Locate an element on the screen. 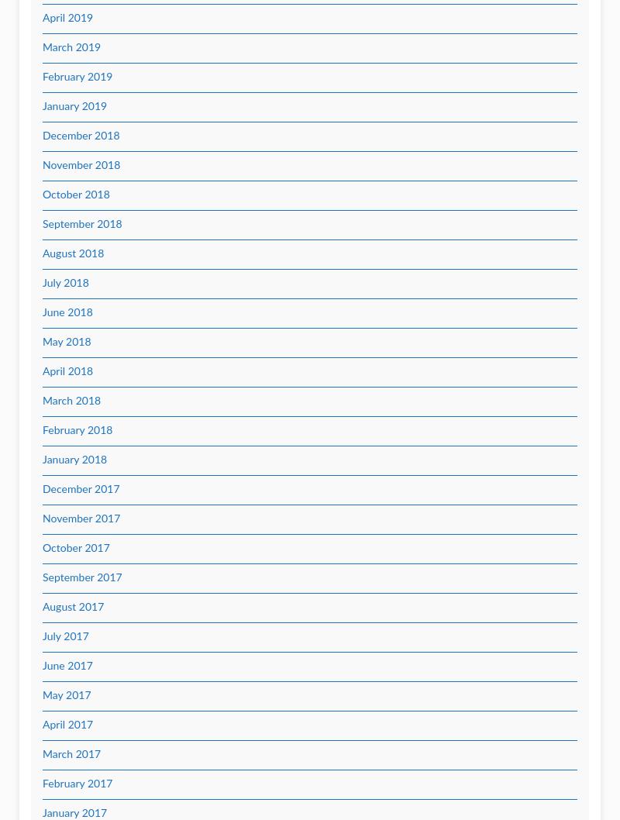 The image size is (620, 820). 'March 2019' is located at coordinates (71, 47).